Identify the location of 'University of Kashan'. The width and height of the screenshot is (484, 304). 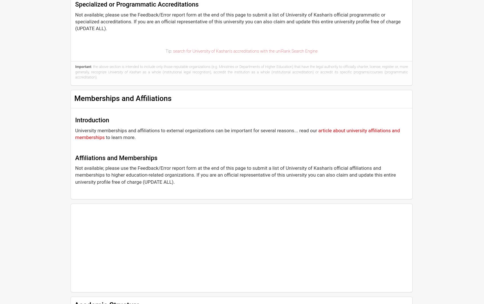
(124, 71).